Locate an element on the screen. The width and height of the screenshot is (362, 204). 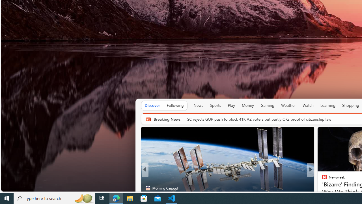
'PC World' is located at coordinates (322, 179).